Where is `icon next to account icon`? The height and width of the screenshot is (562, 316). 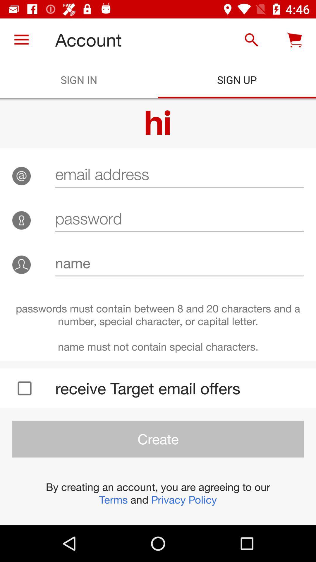
icon next to account icon is located at coordinates (251, 40).